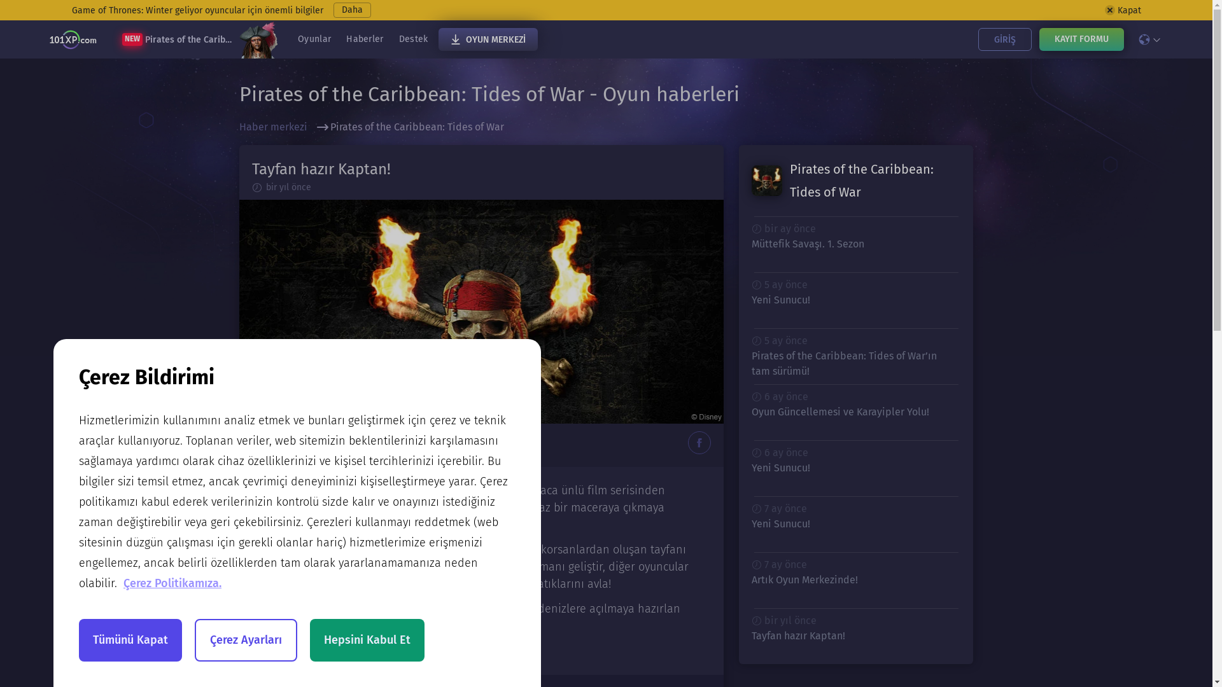 The image size is (1222, 687). I want to click on 'Destek', so click(413, 38).